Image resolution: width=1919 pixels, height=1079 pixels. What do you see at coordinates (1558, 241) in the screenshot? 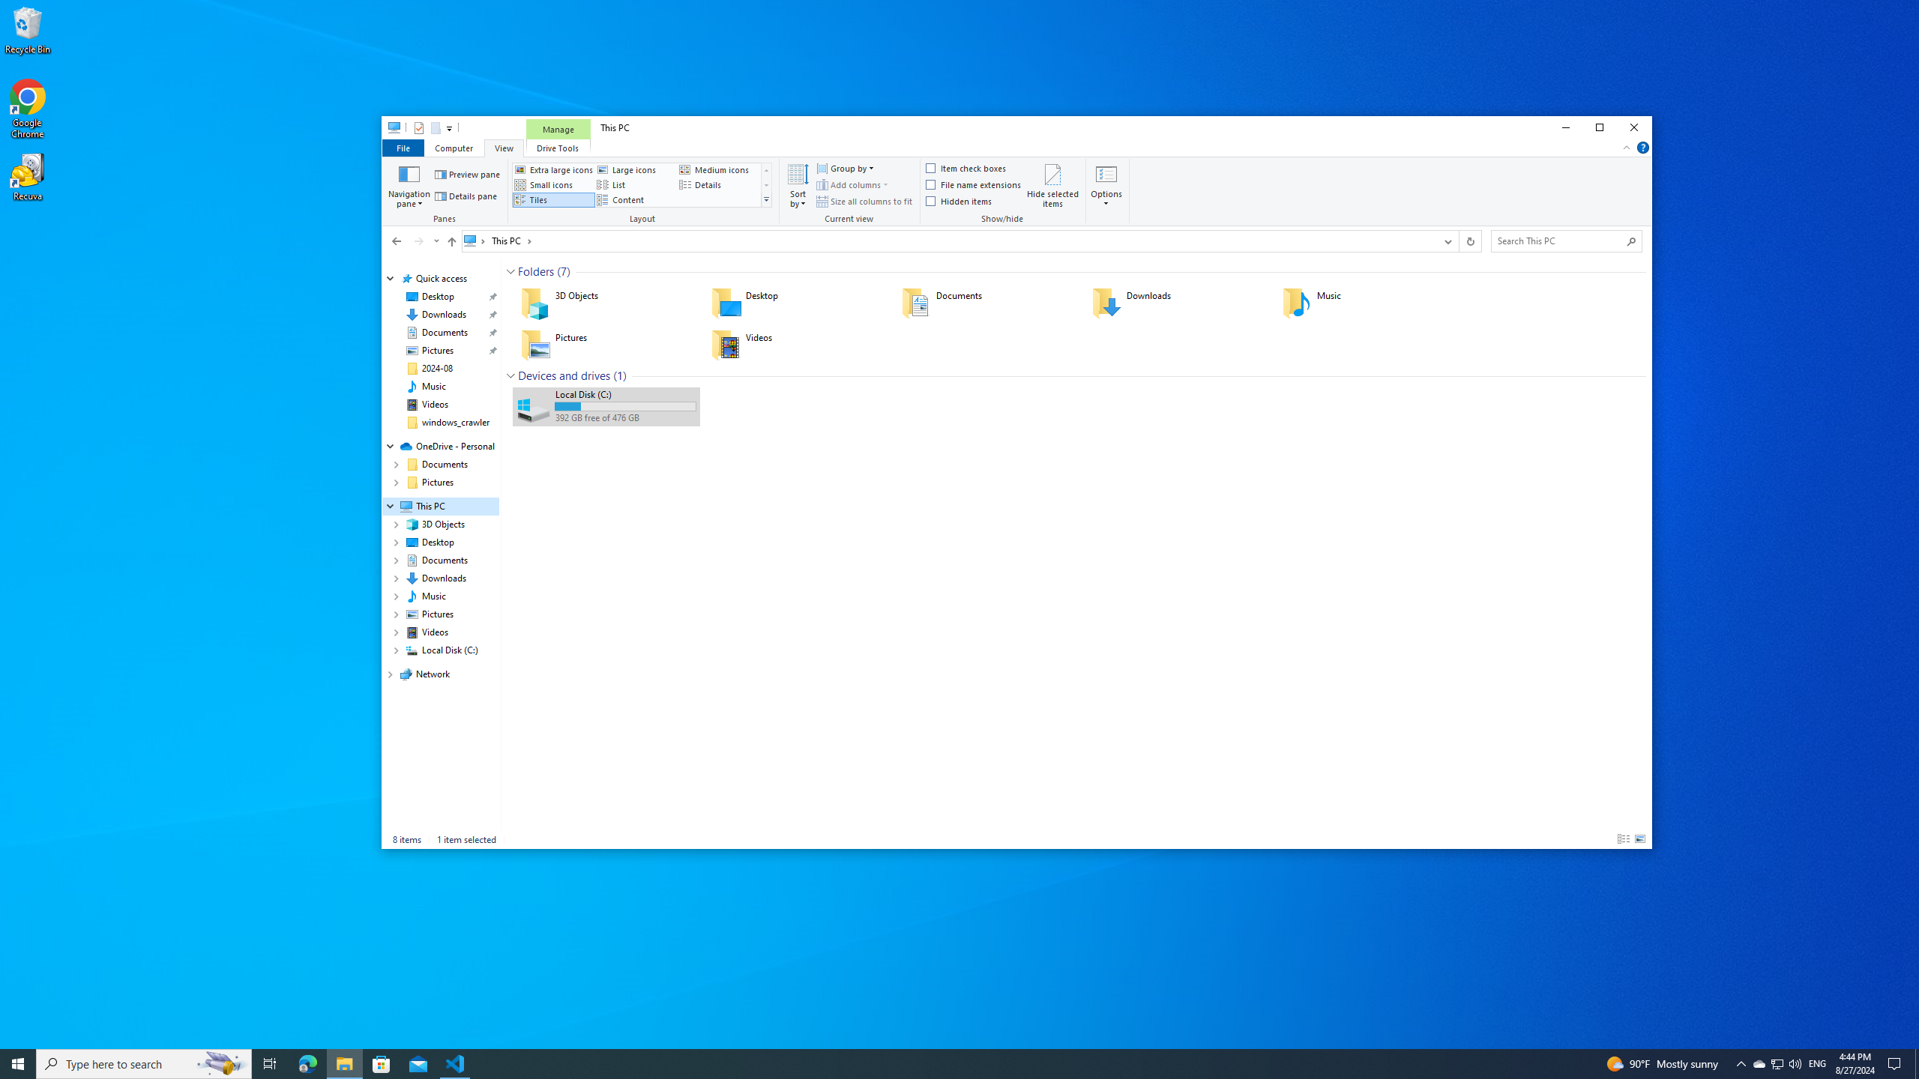
I see `'Search Box'` at bounding box center [1558, 241].